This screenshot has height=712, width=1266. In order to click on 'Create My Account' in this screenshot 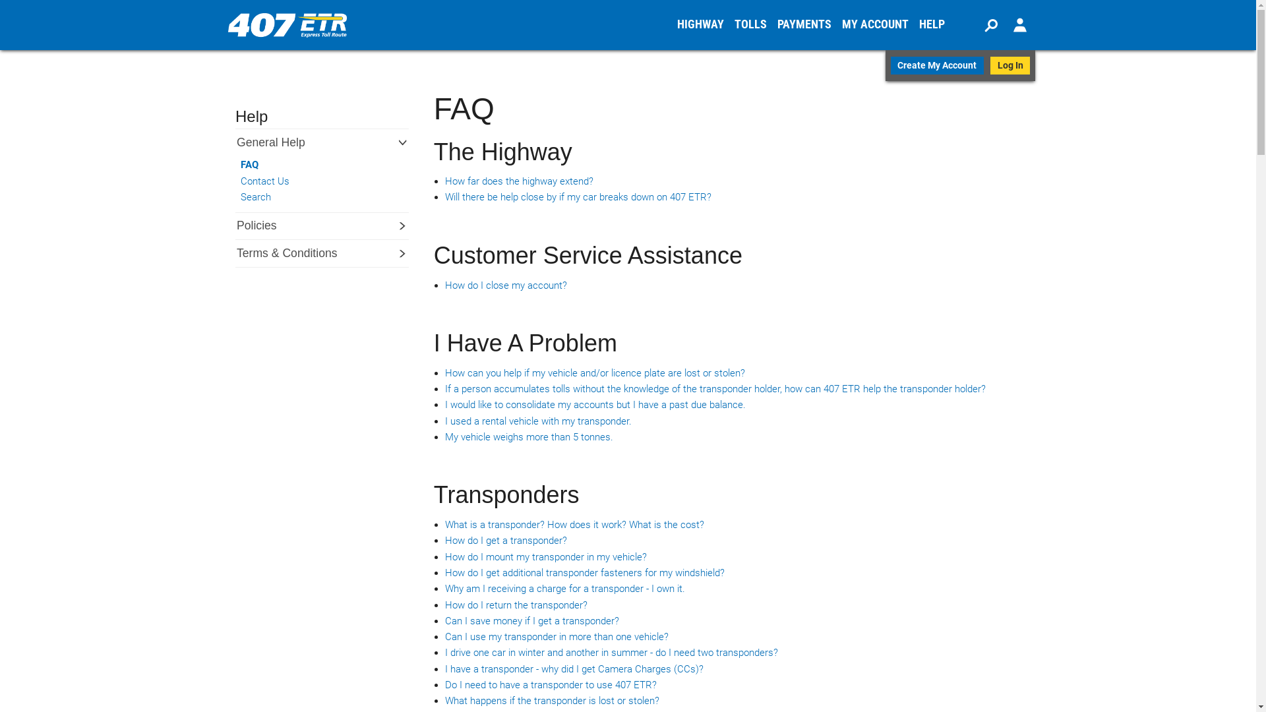, I will do `click(936, 65)`.